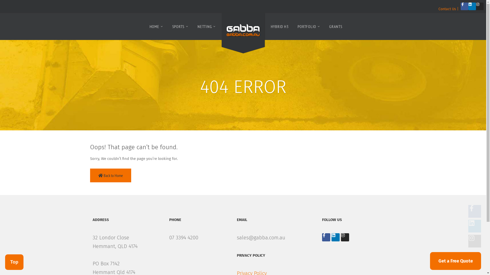  I want to click on 'HOME', so click(156, 26).